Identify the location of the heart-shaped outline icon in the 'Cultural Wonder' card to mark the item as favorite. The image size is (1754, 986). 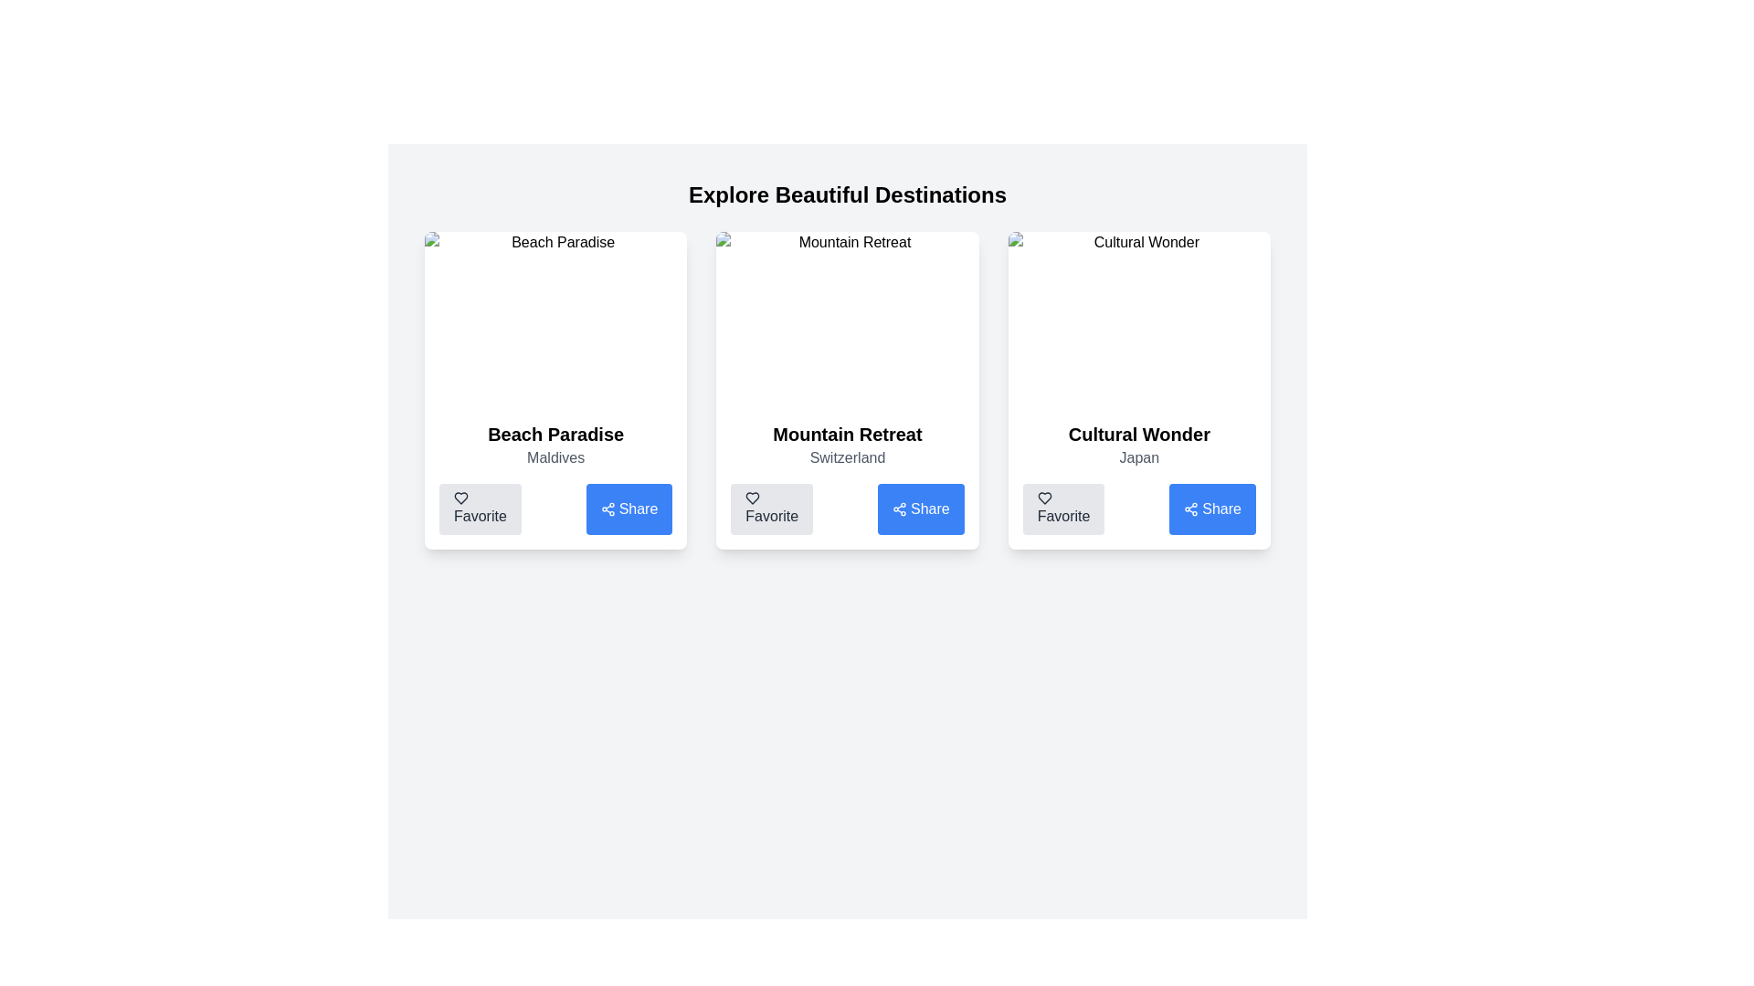
(1044, 498).